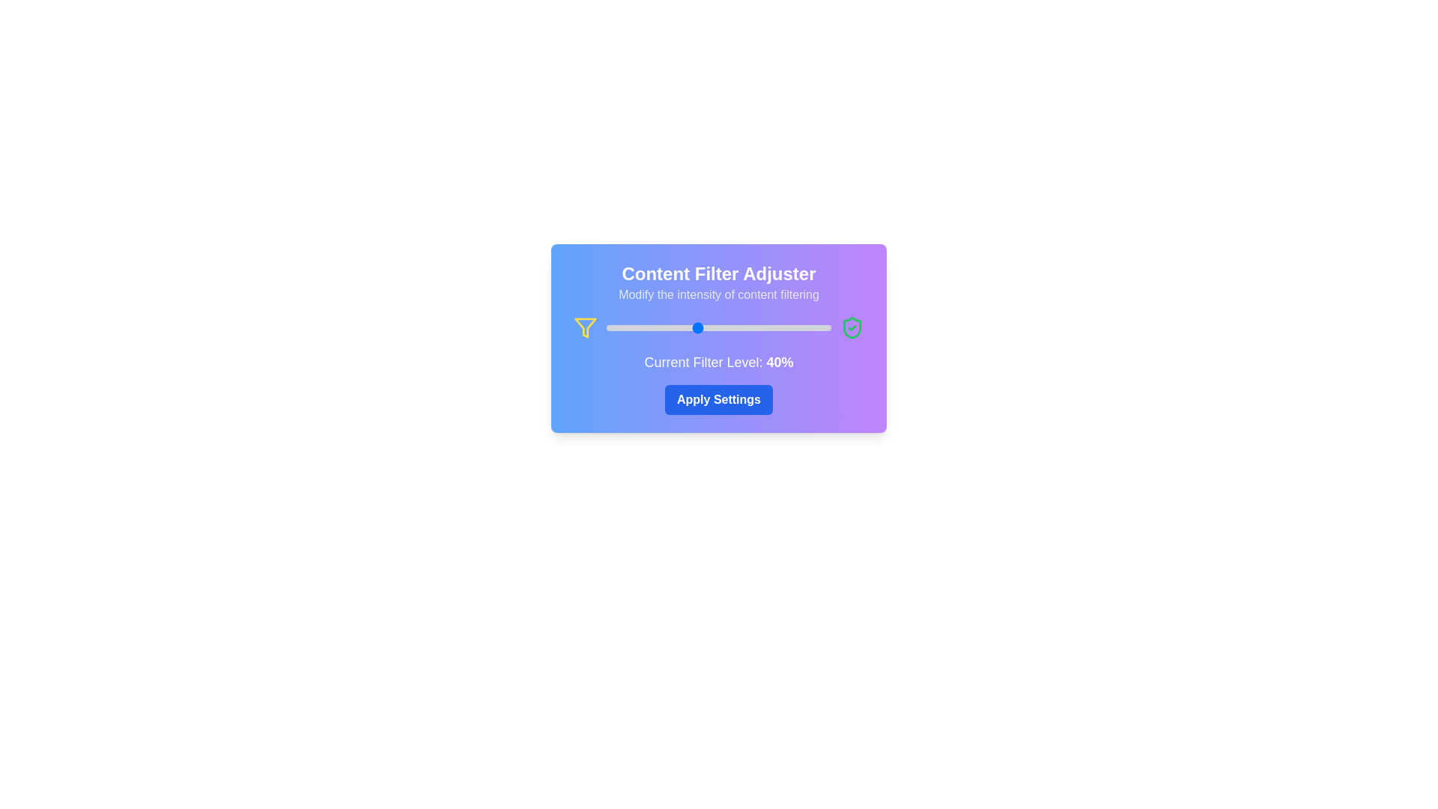  Describe the element at coordinates (637, 327) in the screenshot. I see `the slider to set the filter level to 14%` at that location.